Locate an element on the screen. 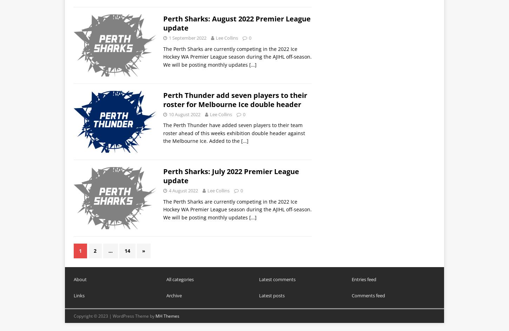  'The Perth Thunder have added seven players to their team roster ahead of this weeks exhibition double header against the Melbourne Ice. Added to the' is located at coordinates (234, 132).